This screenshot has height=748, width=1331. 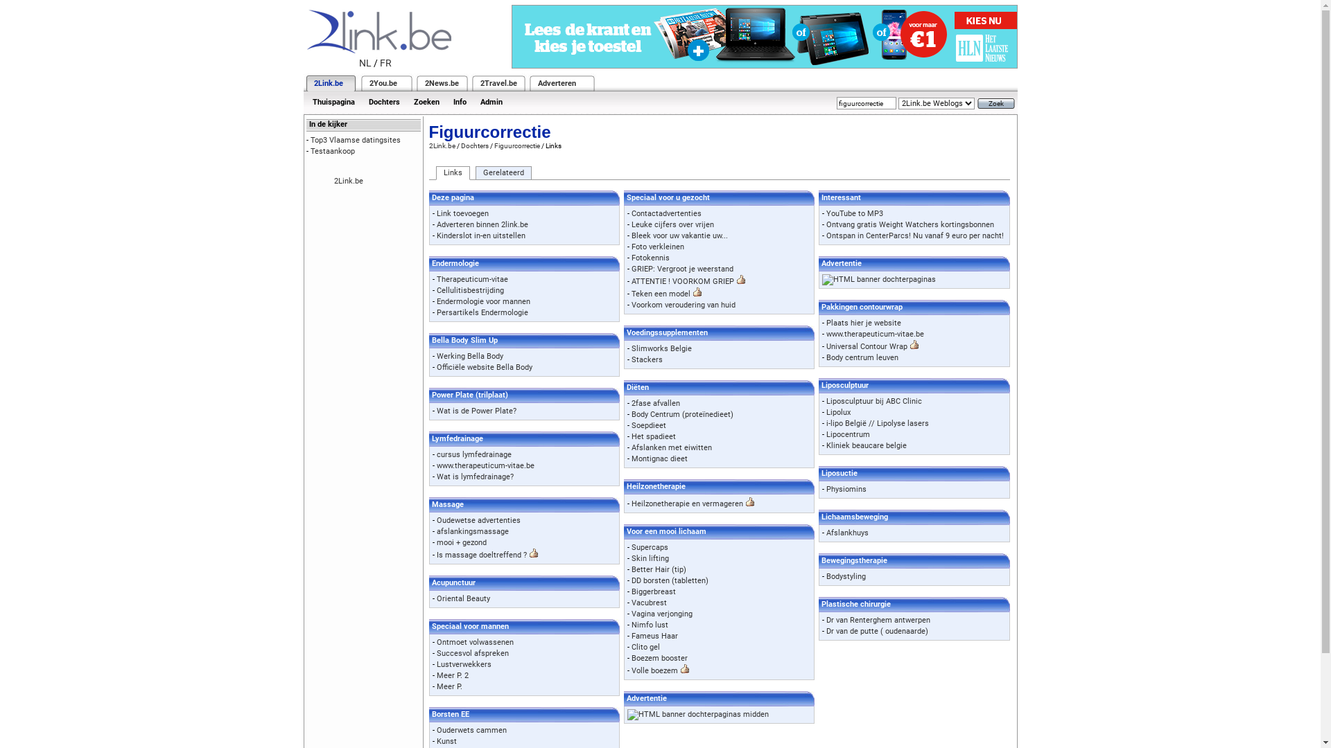 I want to click on 'Meer P.', so click(x=449, y=686).